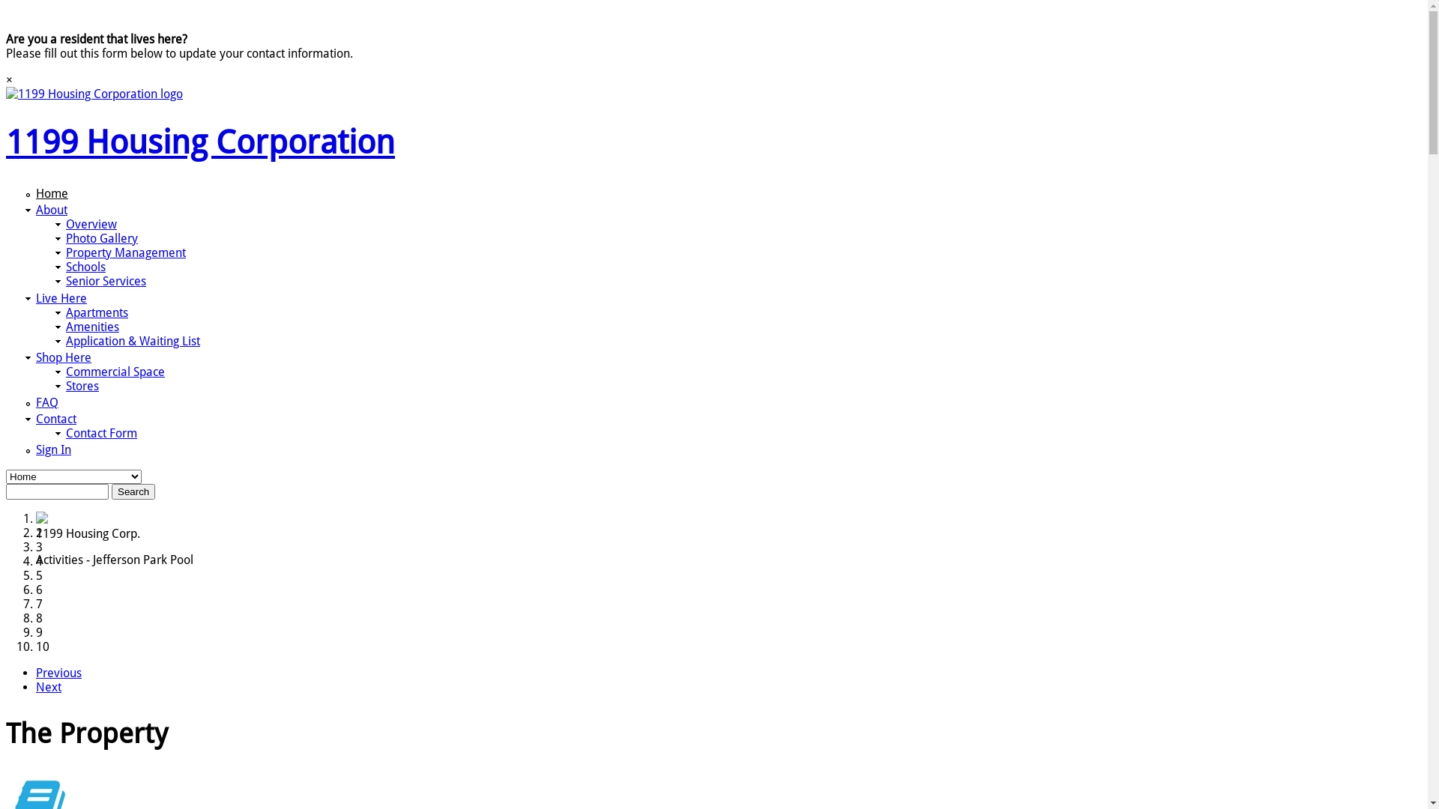 Image resolution: width=1439 pixels, height=809 pixels. I want to click on '4', so click(36, 561).